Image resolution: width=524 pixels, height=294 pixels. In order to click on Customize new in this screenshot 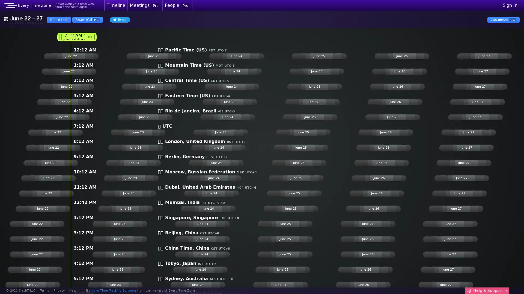, I will do `click(503, 19)`.